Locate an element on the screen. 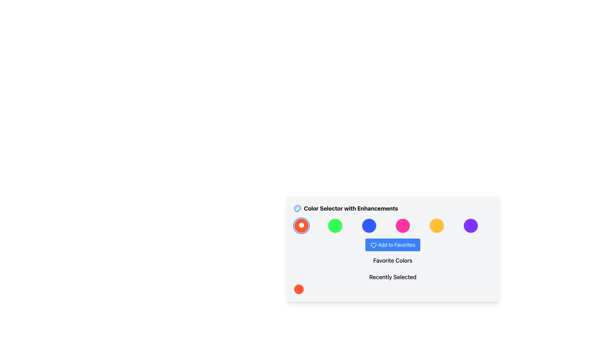 Image resolution: width=610 pixels, height=343 pixels. the 'Add to Favorites' button, which has a blue background, white text, and a heart icon, located below the color selectors and above the text labels is located at coordinates (392, 249).